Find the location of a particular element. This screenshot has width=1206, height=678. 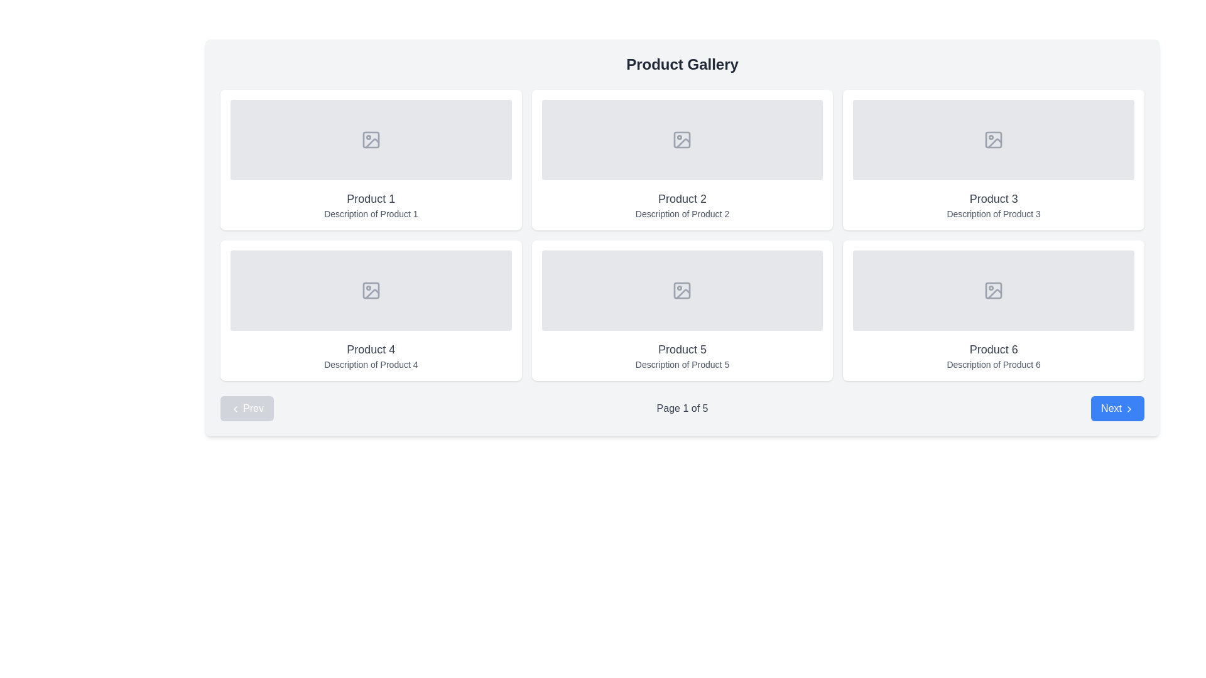

the image area of the product card located in the second row and second column of the product gallery grid to trigger a tooltip is located at coordinates (682, 310).